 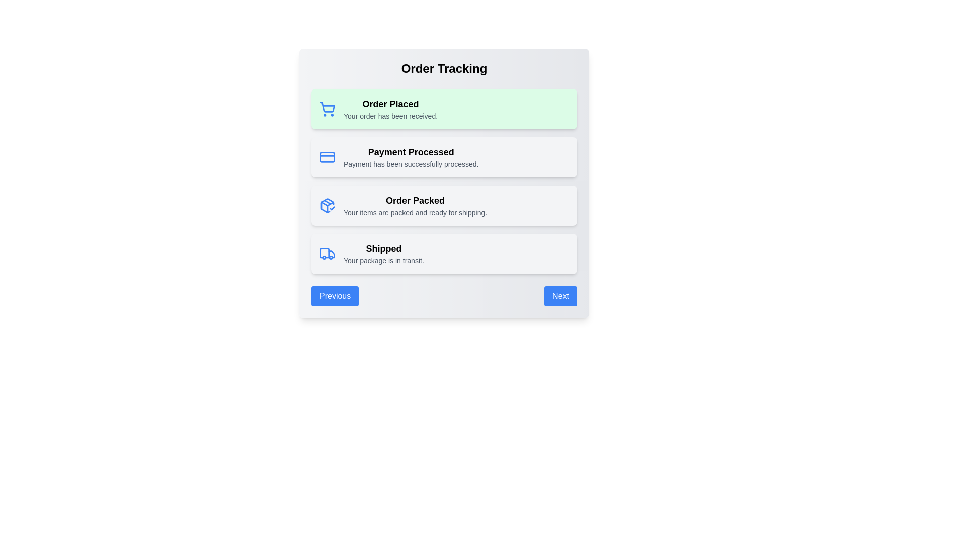 What do you see at coordinates (415, 205) in the screenshot?
I see `the Informational Text Block that displays the heading 'Order Packed' in bold and the text 'Your items are packed and ready for shipping.'` at bounding box center [415, 205].